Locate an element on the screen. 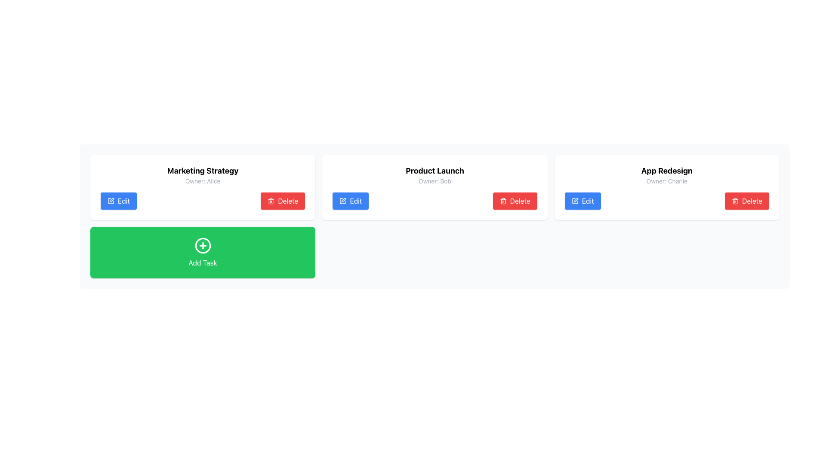  the delete icon associated with the 'Delete' button on the 'Product Launch' card located in the second column of the UI layout is located at coordinates (503, 201).